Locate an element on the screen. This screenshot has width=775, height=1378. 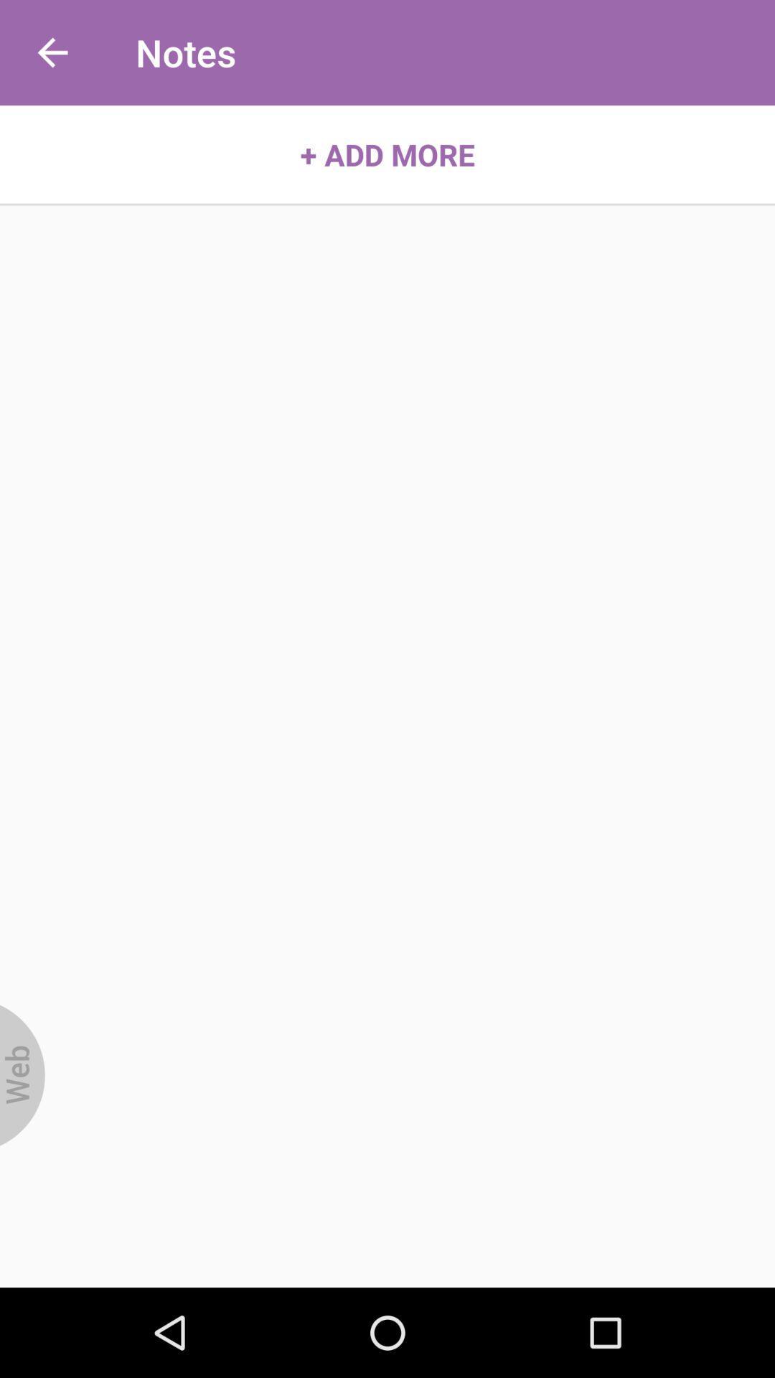
item at the bottom left corner is located at coordinates (22, 1075).